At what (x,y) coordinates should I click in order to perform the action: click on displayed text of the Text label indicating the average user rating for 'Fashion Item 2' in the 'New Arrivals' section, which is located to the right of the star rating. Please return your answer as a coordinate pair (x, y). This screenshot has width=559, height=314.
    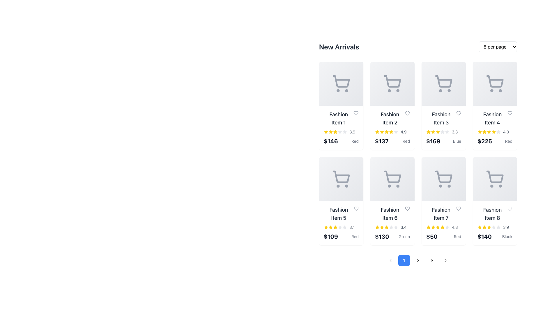
    Looking at the image, I should click on (403, 132).